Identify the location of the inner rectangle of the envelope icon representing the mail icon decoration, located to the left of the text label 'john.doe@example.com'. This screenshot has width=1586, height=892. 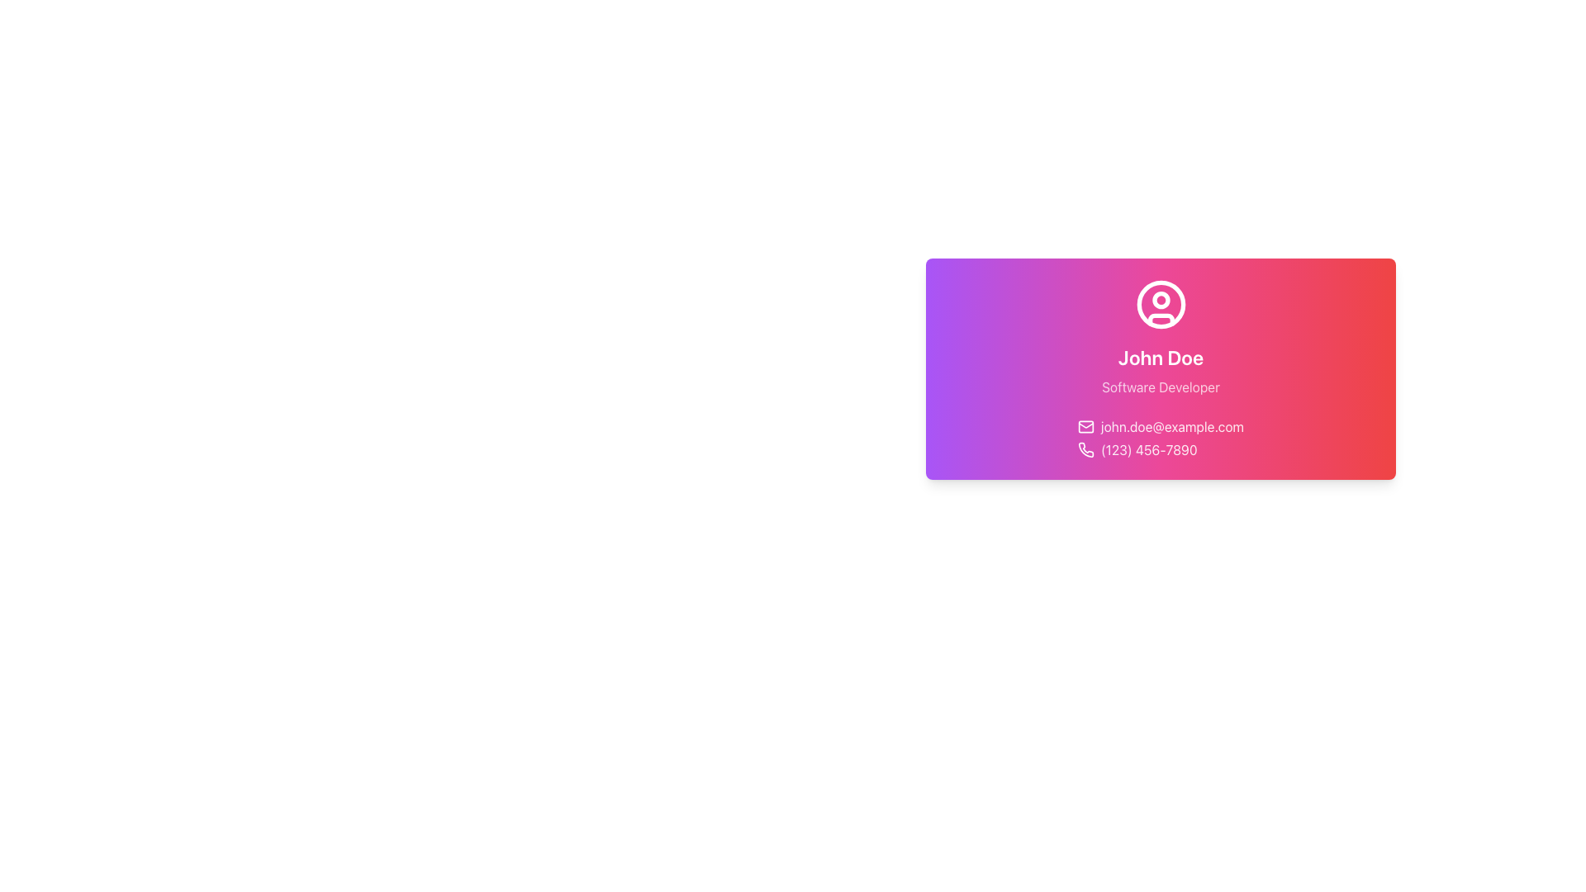
(1086, 425).